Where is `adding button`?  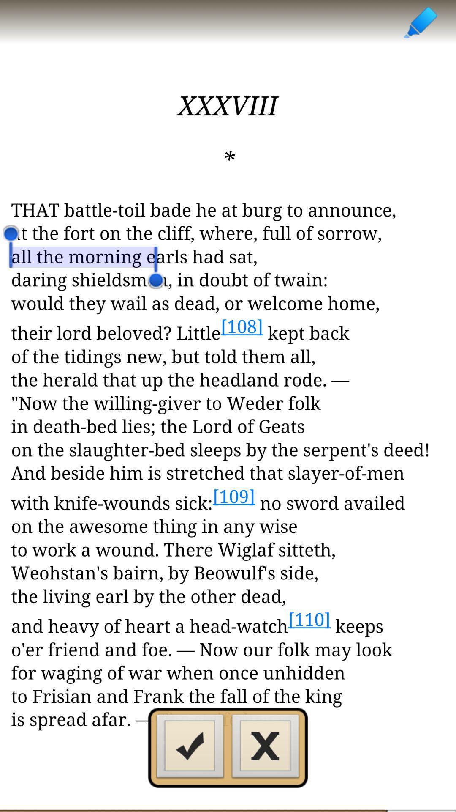 adding button is located at coordinates (190, 749).